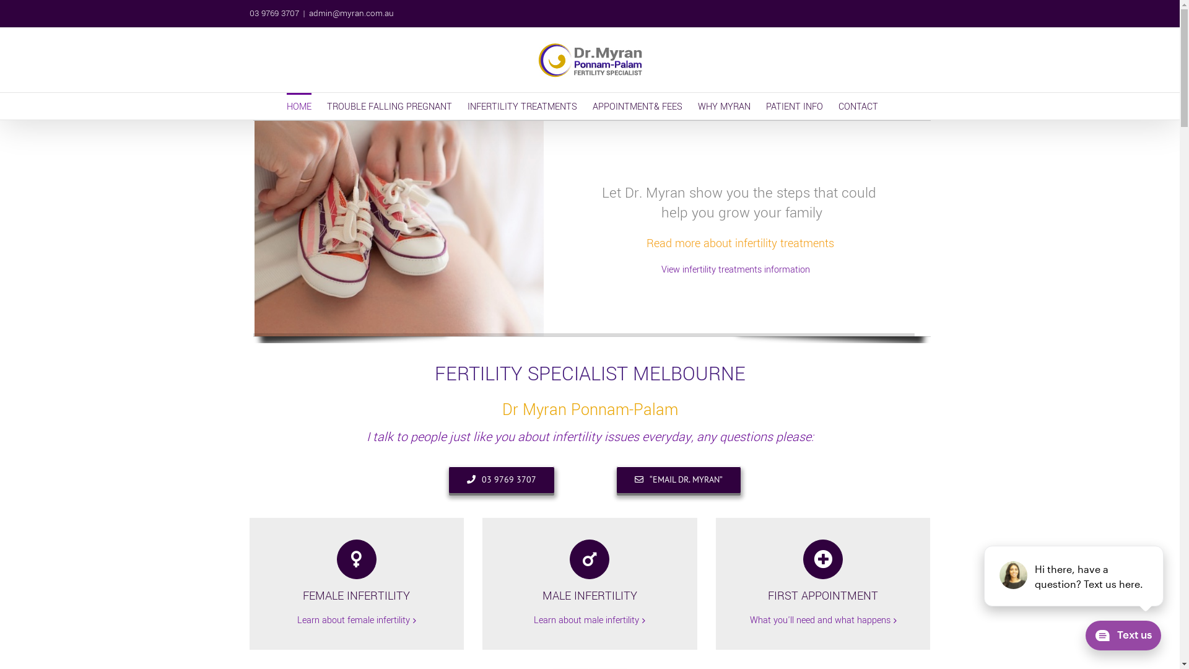 This screenshot has width=1189, height=669. Describe the element at coordinates (820, 621) in the screenshot. I see `'What you'll need and what happens'` at that location.